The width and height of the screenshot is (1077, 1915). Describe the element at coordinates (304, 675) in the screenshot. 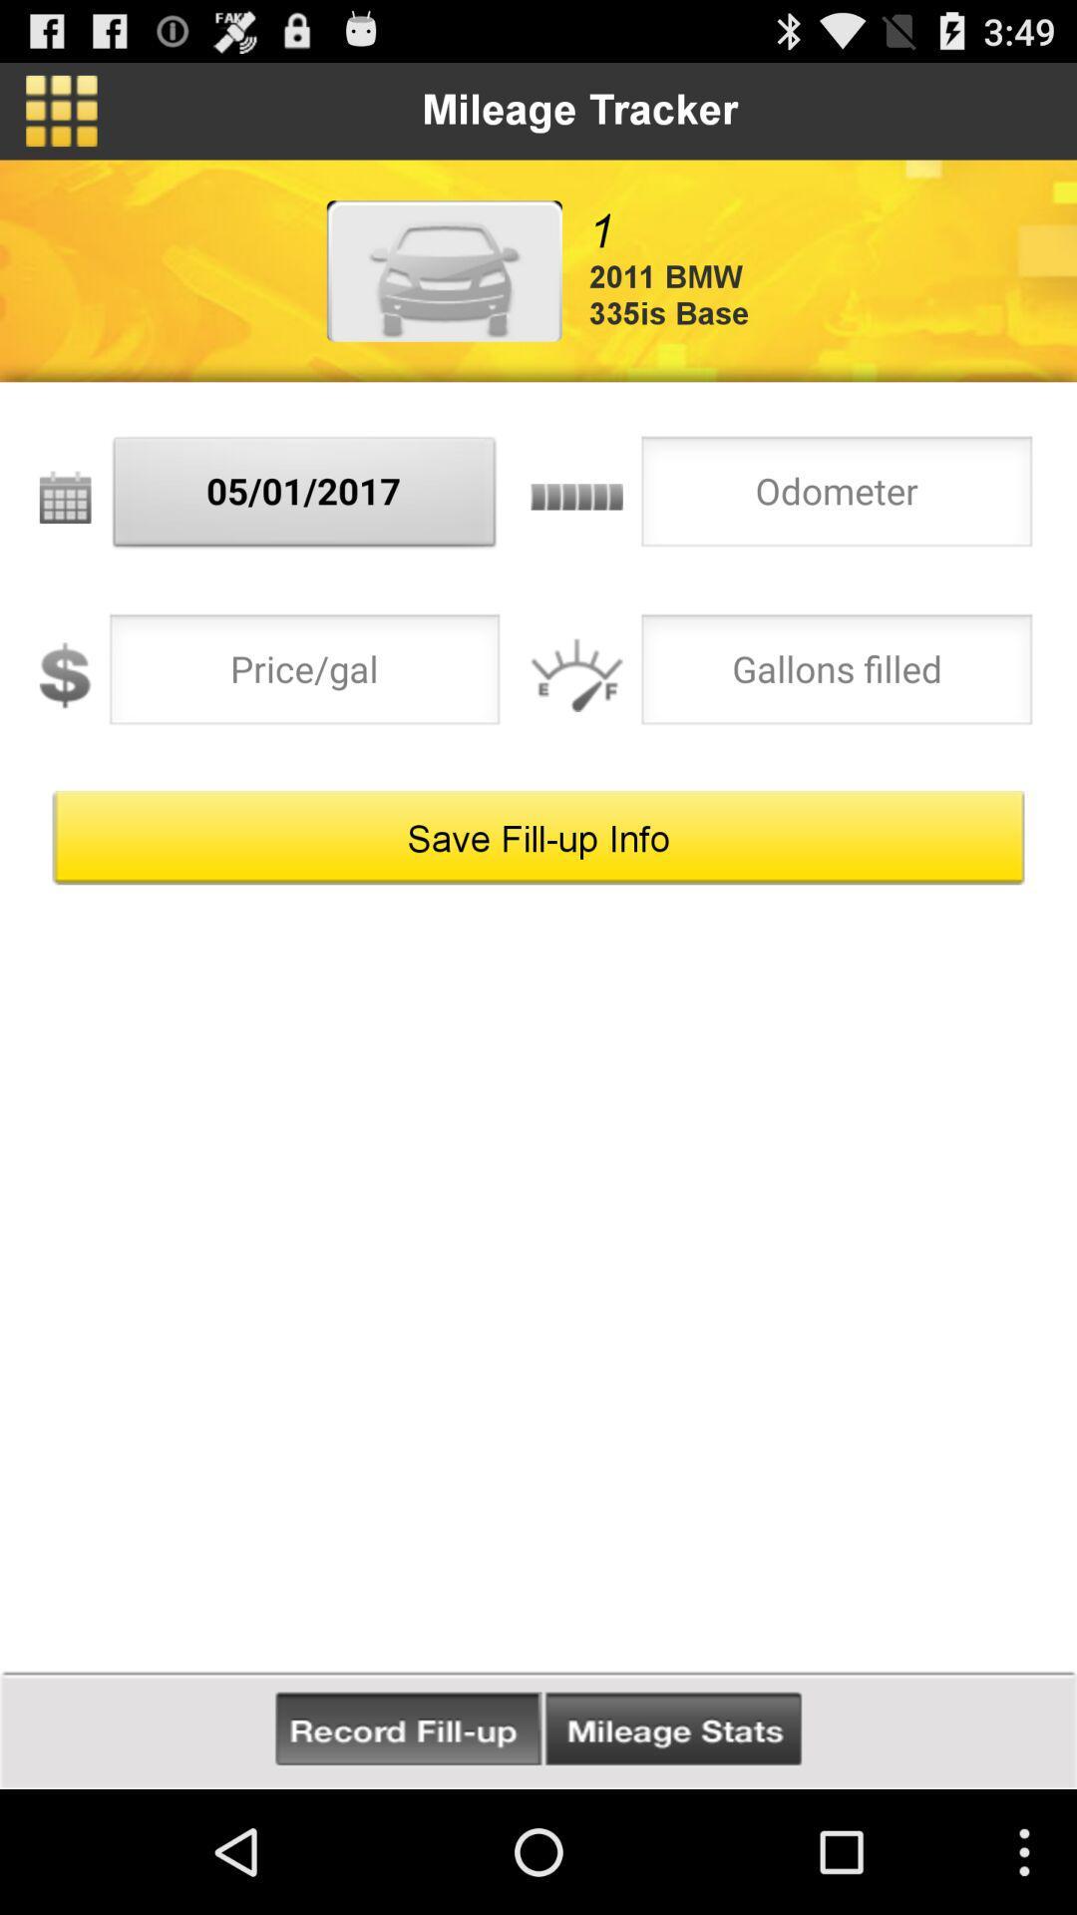

I see `text box to enter price petrol/diesel price per gallon` at that location.